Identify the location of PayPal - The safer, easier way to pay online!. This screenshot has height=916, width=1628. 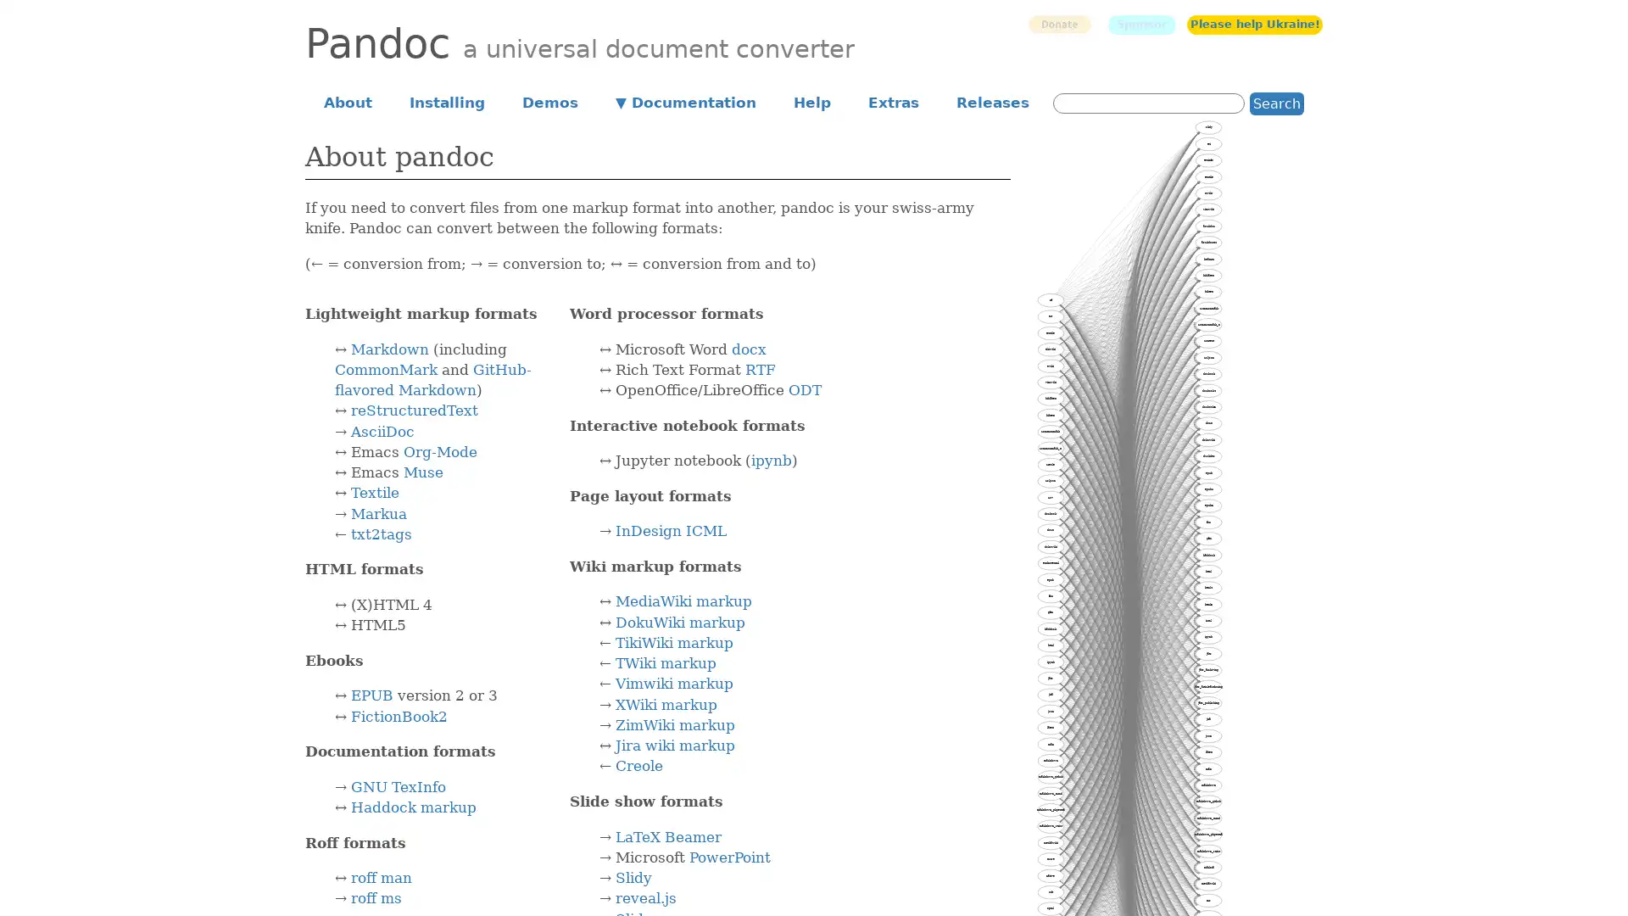
(1058, 24).